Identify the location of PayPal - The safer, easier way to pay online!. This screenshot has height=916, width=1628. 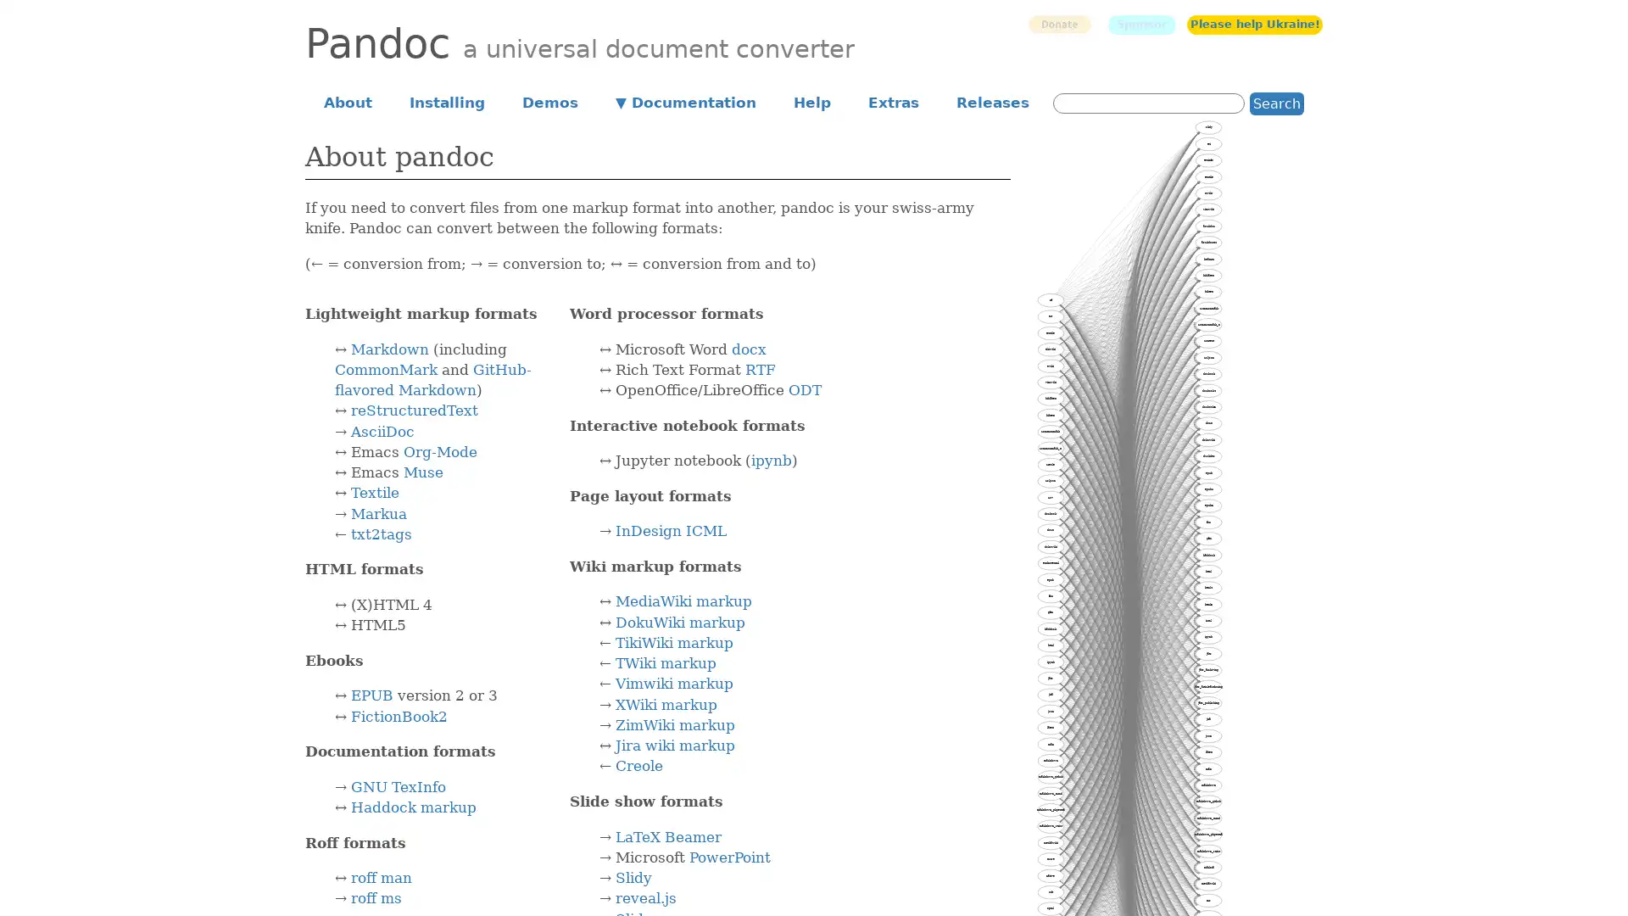
(1058, 24).